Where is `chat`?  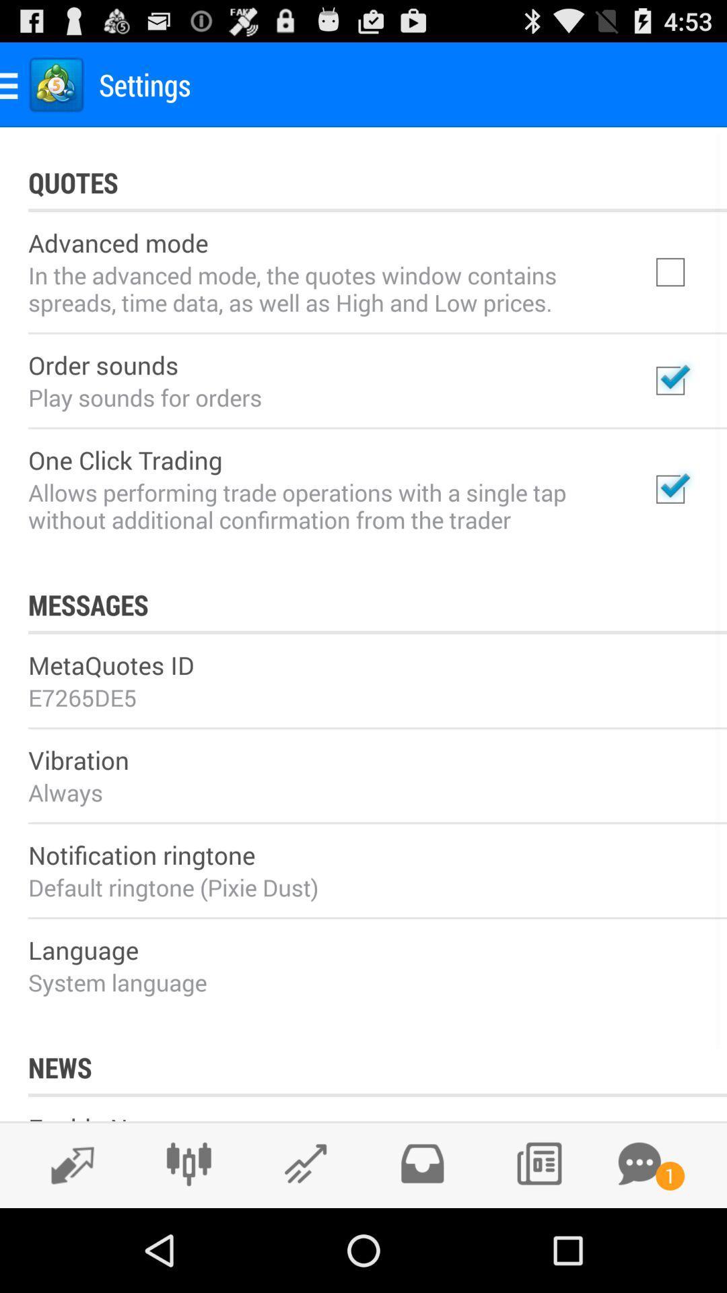
chat is located at coordinates (639, 1163).